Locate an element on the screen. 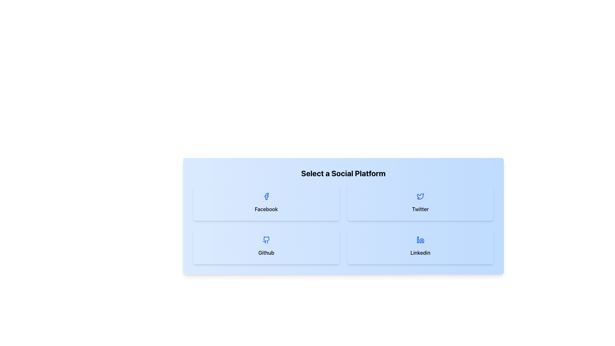 The height and width of the screenshot is (346, 615). the GitHub button, which is a rectangular card with a light blue background, featuring a GitHub logo at the top and 'Github' in bold text at the bottom, located in the lower-left quadrant of a 2x2 grid of social media platform selection cards is located at coordinates (266, 246).